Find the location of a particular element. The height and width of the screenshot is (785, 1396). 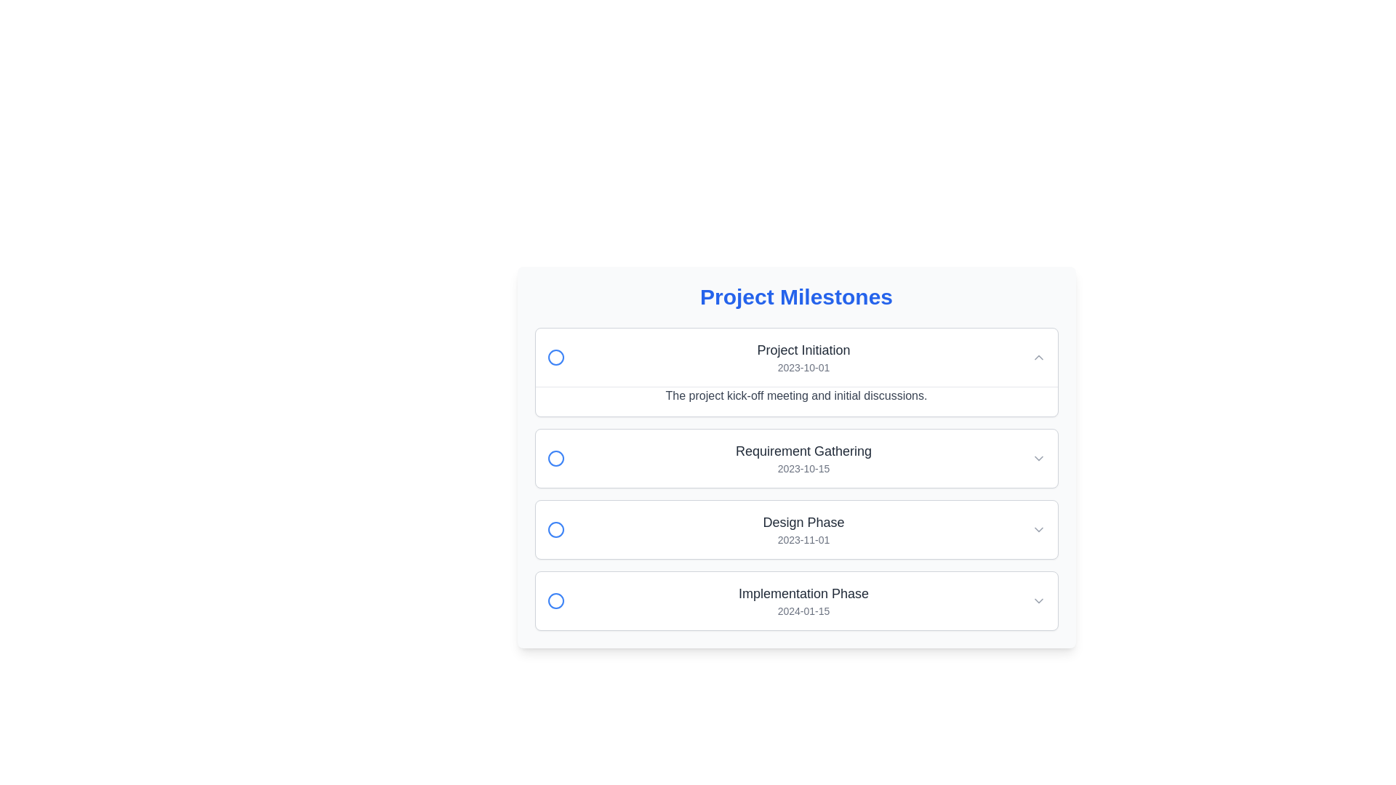

static text displaying '2023-11-01' located directly beneath the 'Design Phase' title in the third milestone section is located at coordinates (803, 540).